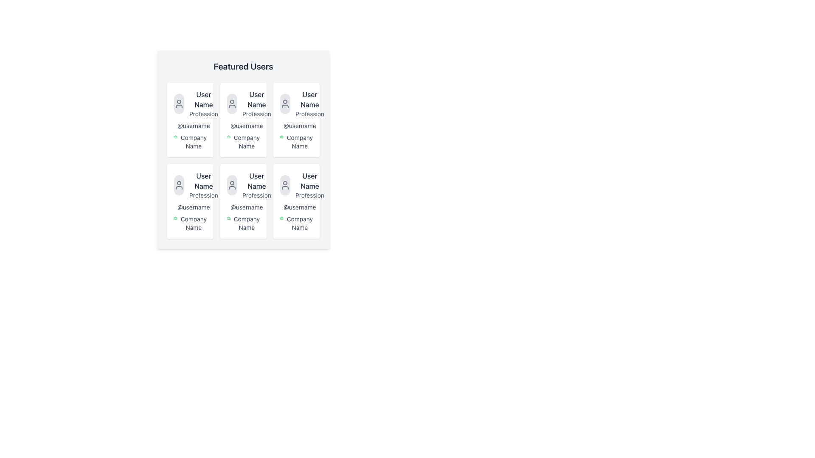 The height and width of the screenshot is (458, 815). Describe the element at coordinates (193, 126) in the screenshot. I see `the static text element displaying the username of the featured individual located in the top-left card of a six-card grid layout, positioned between the 'Profession' and 'Company Name' texts` at that location.